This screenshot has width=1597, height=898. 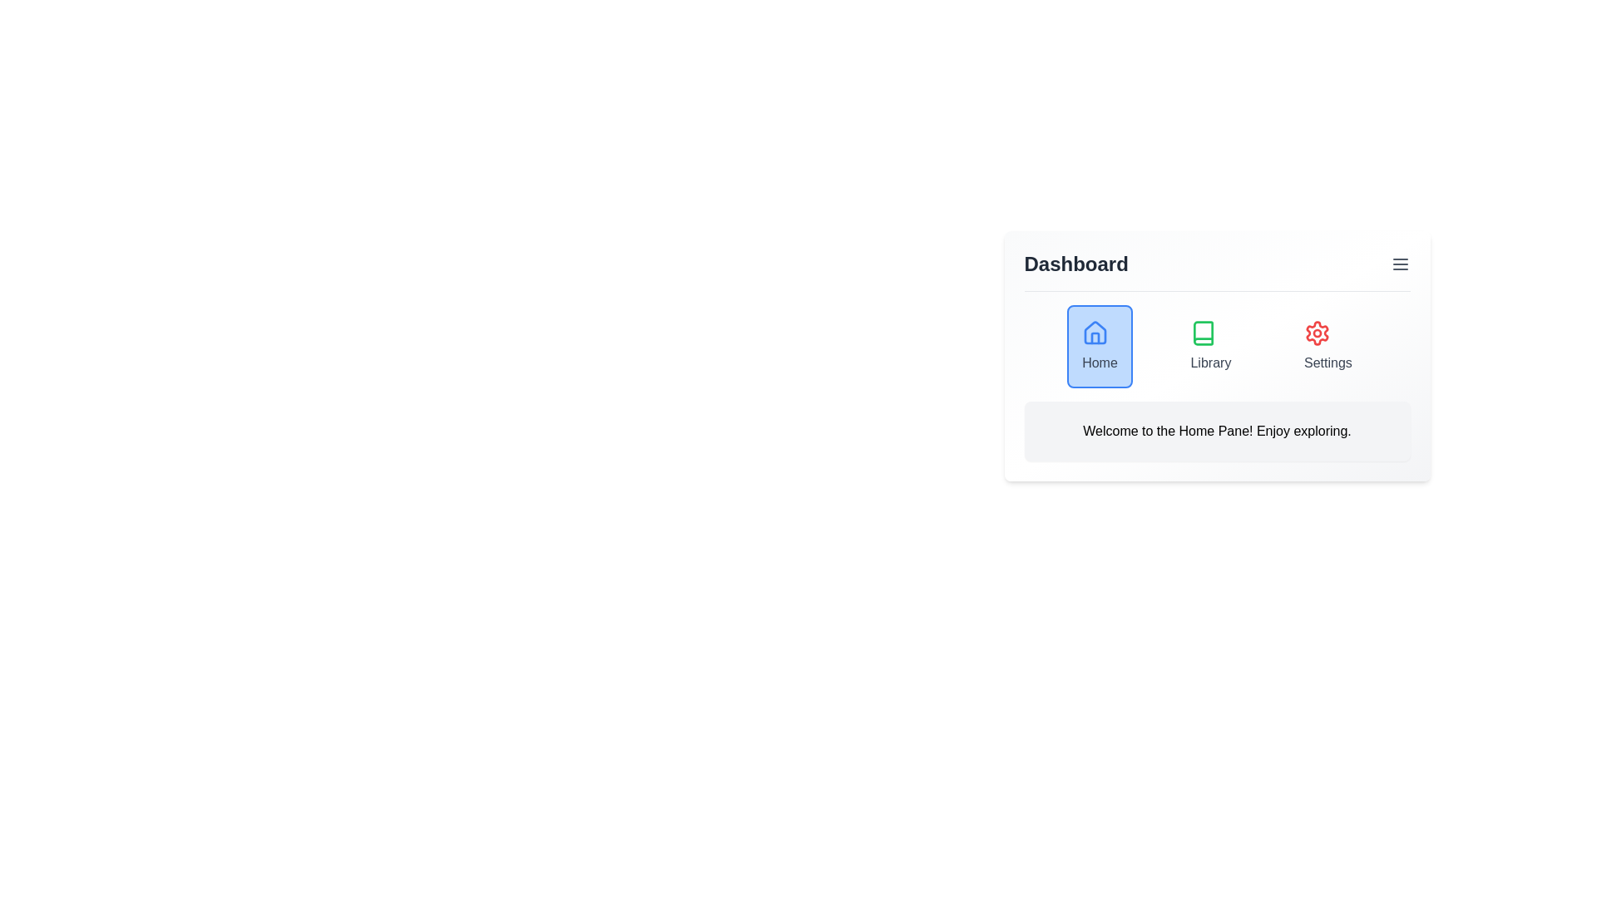 I want to click on the Home button located in the Navigation Bar section titled 'Dashboard', so click(x=1100, y=345).